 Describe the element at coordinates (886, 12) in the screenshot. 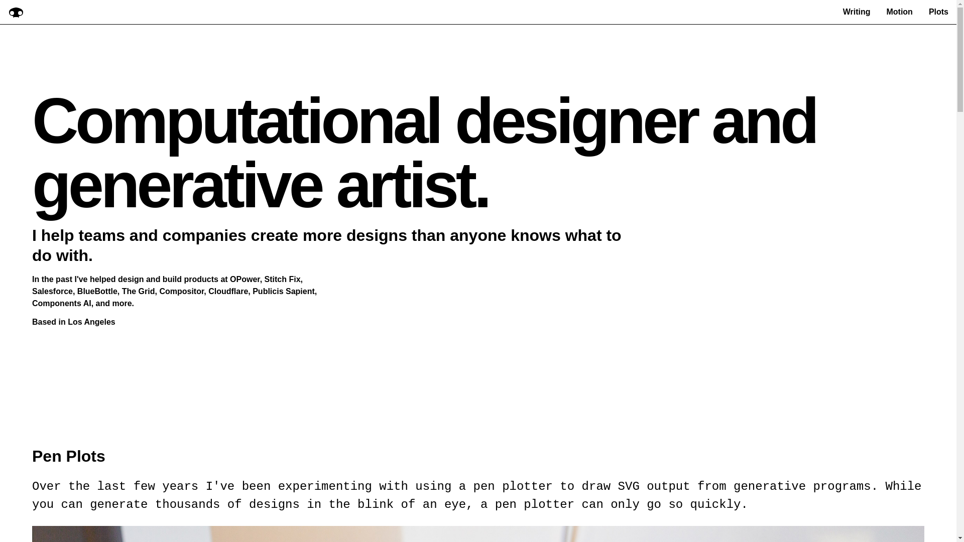

I see `'Motion'` at that location.